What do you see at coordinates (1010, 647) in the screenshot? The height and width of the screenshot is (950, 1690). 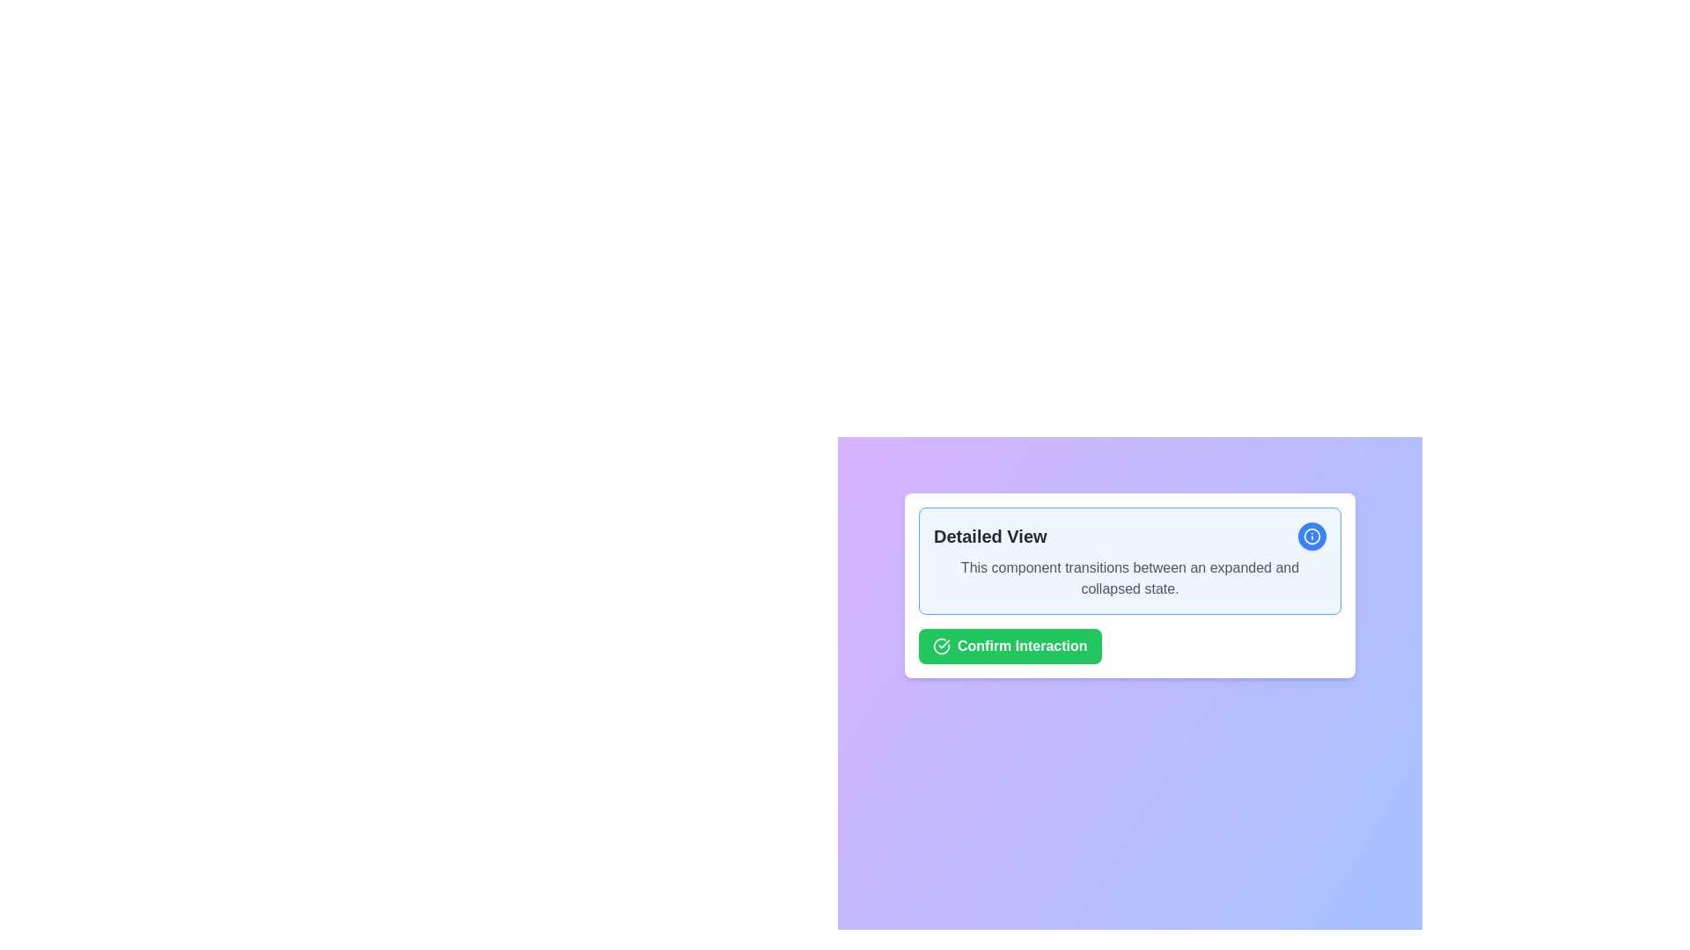 I see `the confirmation button located at the bottom of the white card to confirm the action` at bounding box center [1010, 647].